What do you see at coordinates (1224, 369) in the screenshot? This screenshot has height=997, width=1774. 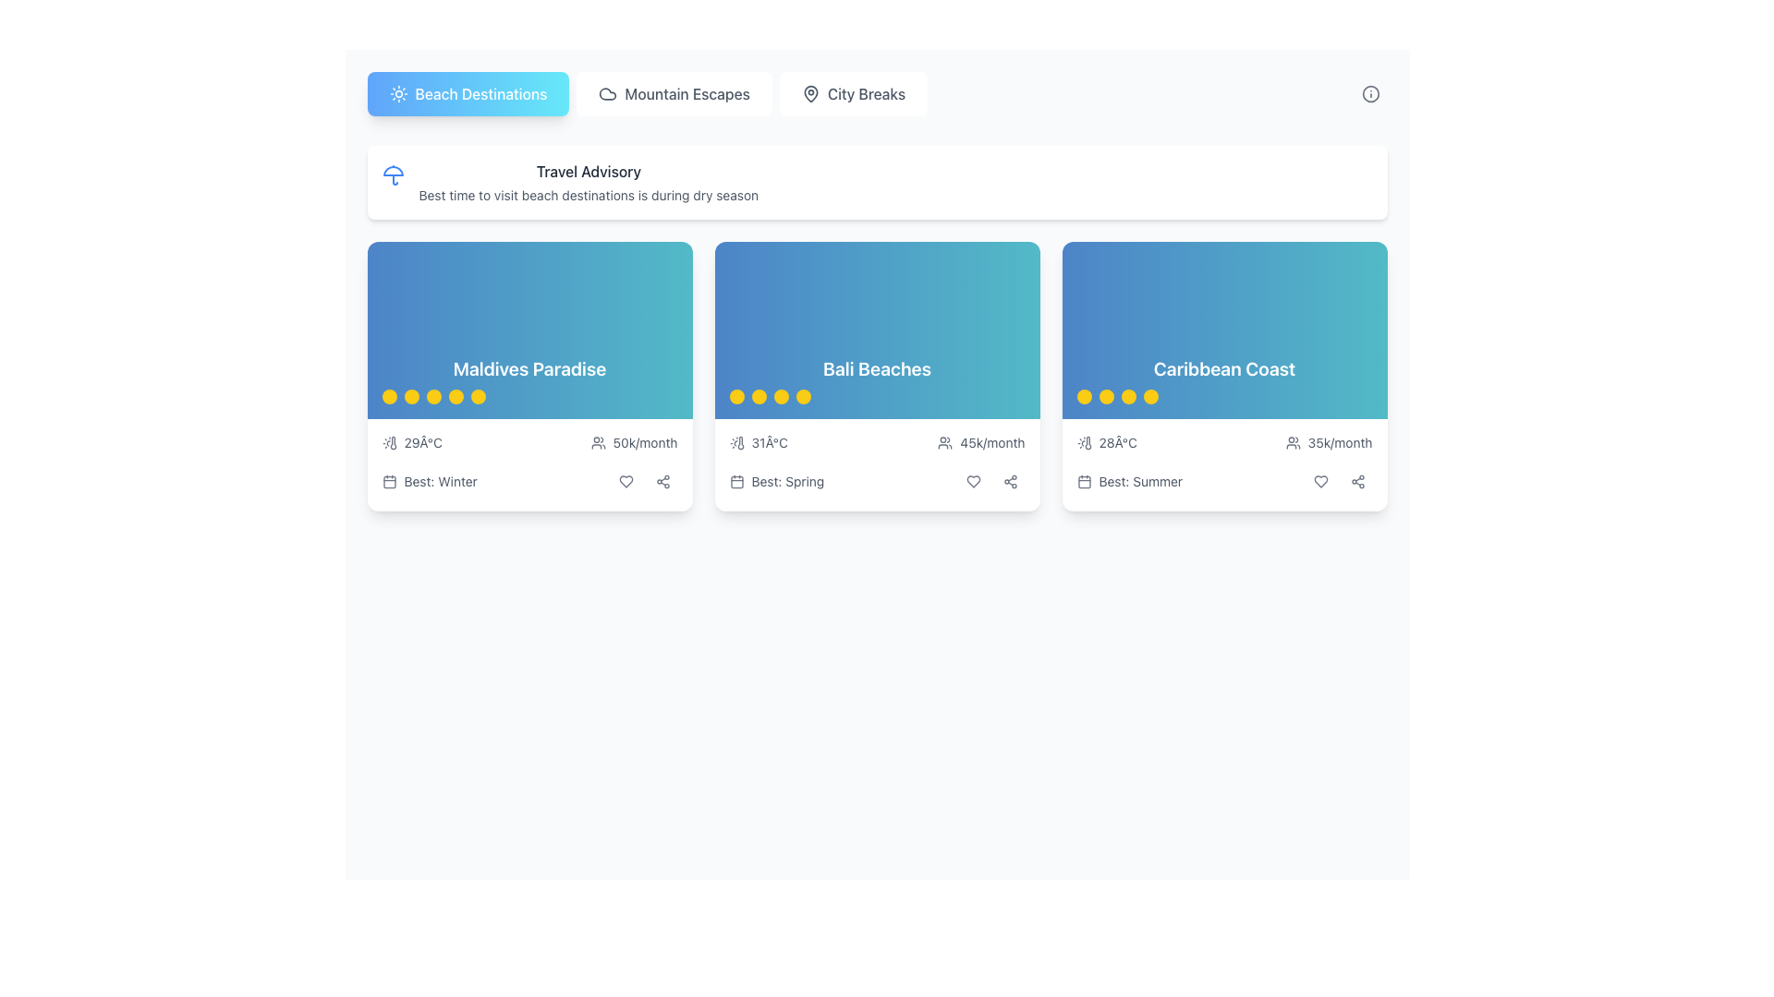 I see `the text label displaying 'Caribbean Coast' in bold white font, which is positioned at the top section of the card containing 'Caribbean Coast'` at bounding box center [1224, 369].